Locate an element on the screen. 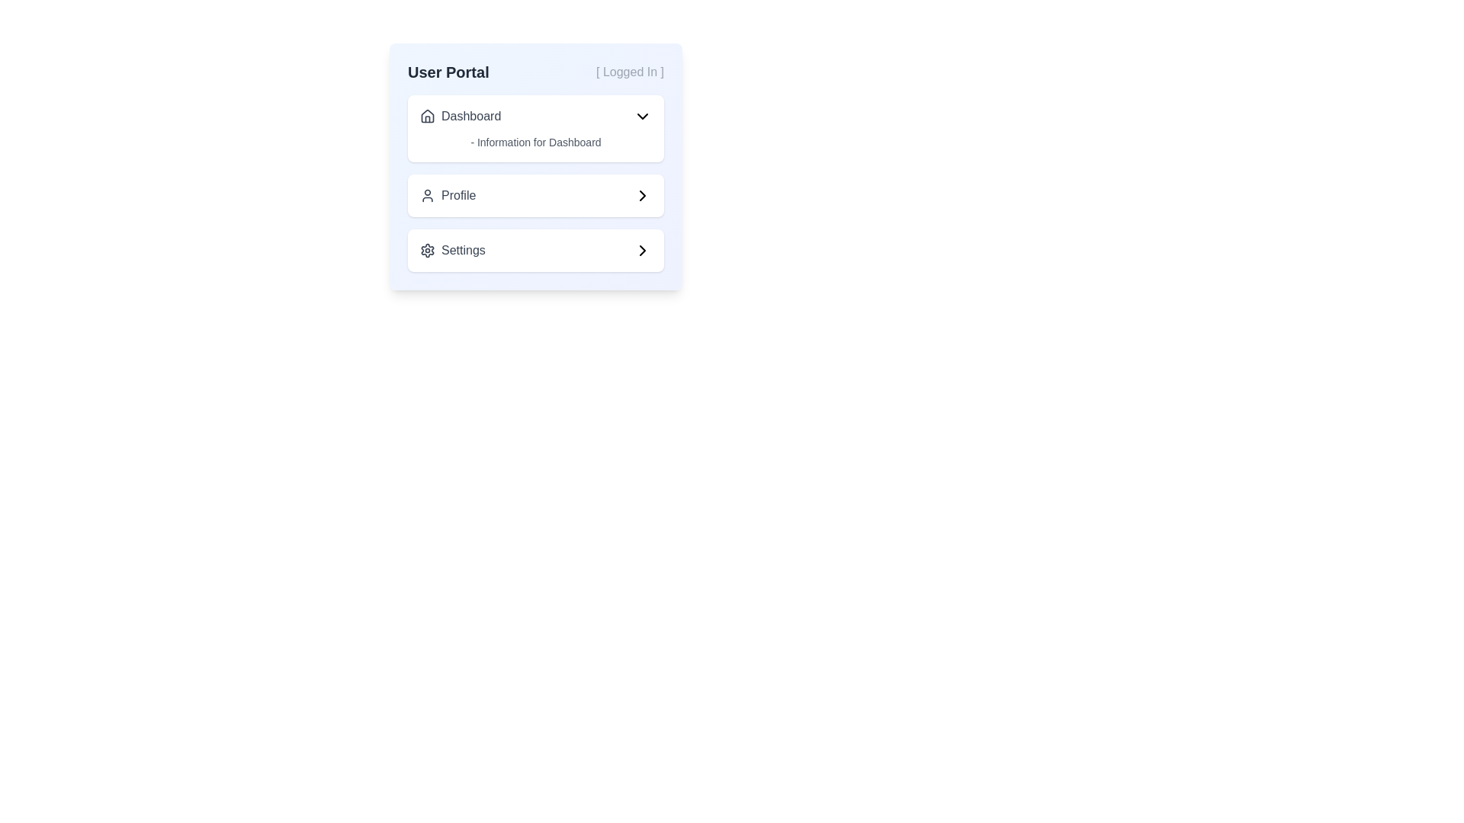  the house roof icon located in the 'Dashboard' menu option of the navigation menu is located at coordinates (427, 114).